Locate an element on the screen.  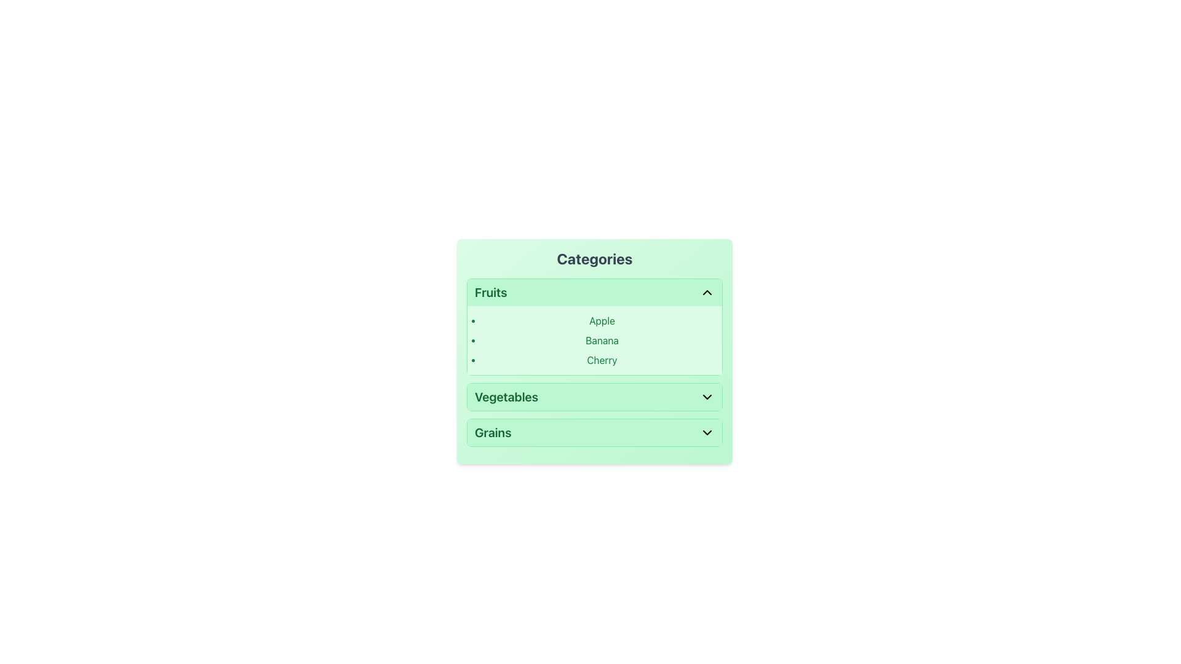
the text label displaying 'Banana' in green, which is the second item in a vertical list of fruits is located at coordinates (602, 341).